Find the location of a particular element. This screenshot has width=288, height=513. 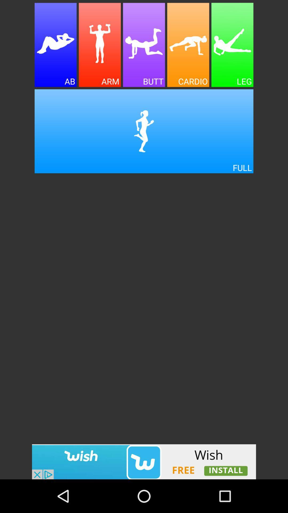

open advertisement is located at coordinates (144, 461).